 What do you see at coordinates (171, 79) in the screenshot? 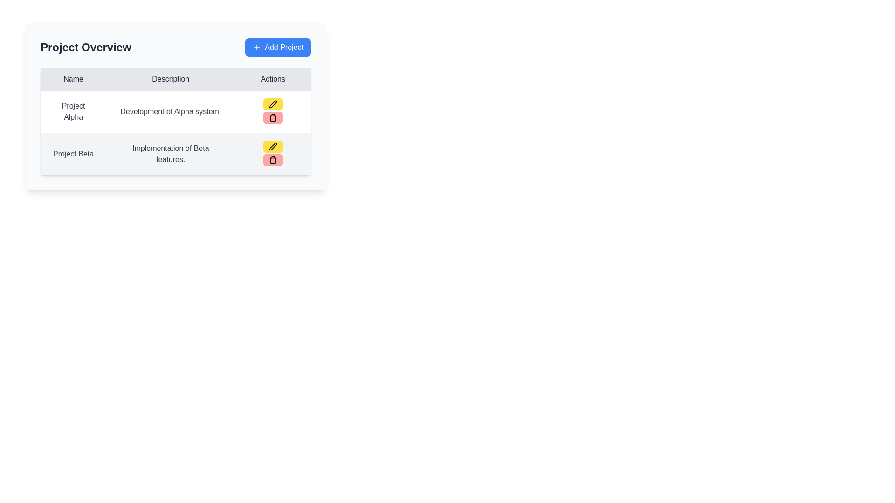
I see `the 'Description' text label, which is styled in gray font and located in the header row of the table, positioned between 'Name' and 'Actions'` at bounding box center [171, 79].